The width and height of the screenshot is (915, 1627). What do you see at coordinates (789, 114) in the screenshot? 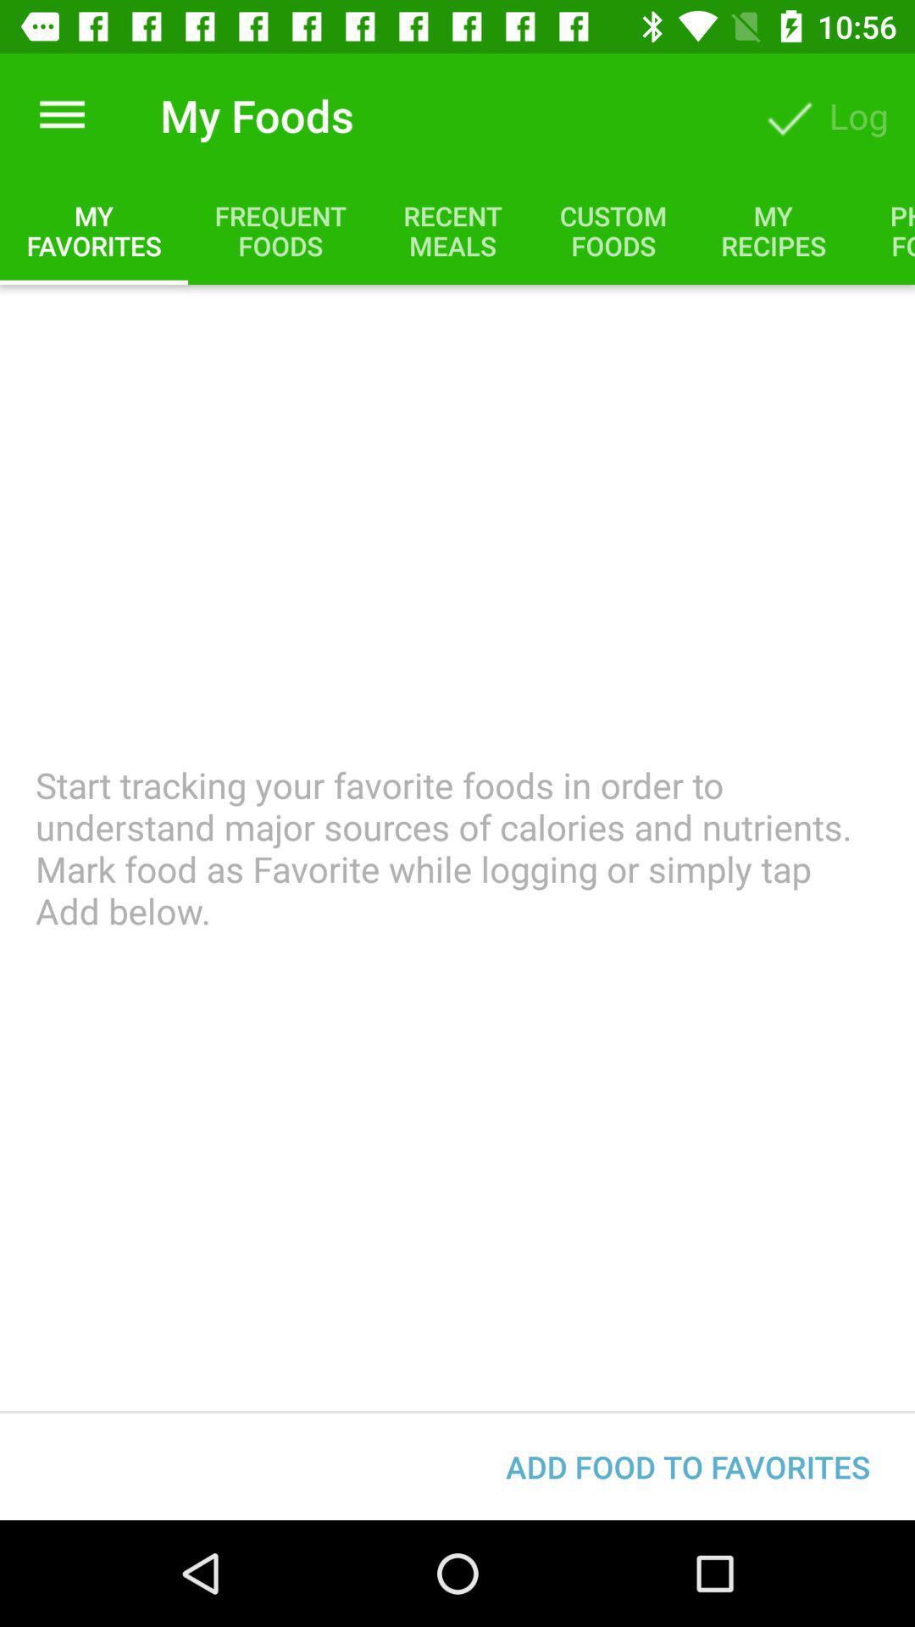
I see `the button beside log` at bounding box center [789, 114].